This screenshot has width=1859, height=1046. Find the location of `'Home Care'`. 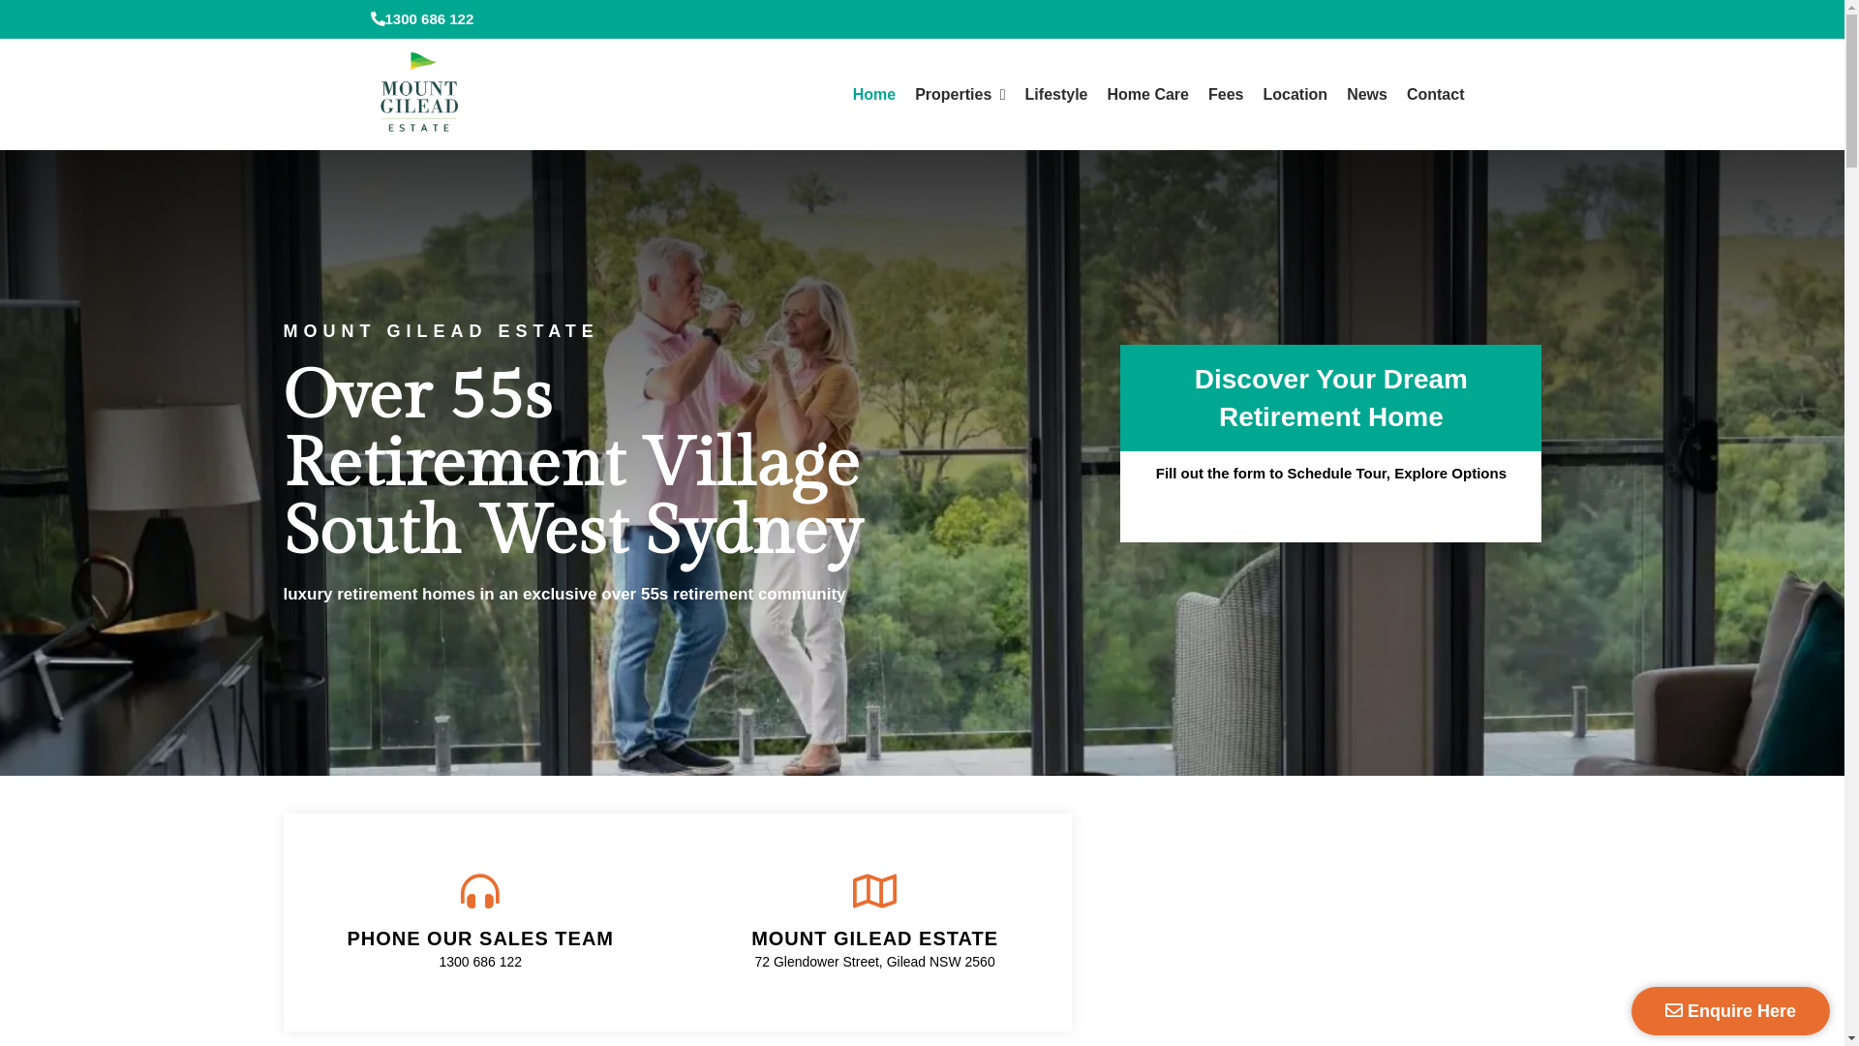

'Home Care' is located at coordinates (1147, 94).